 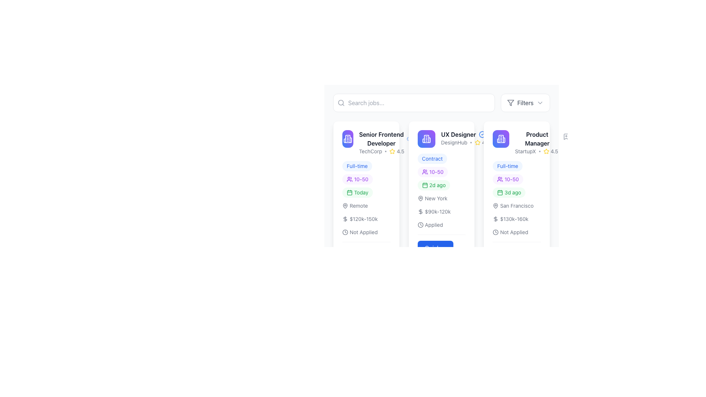 I want to click on the monetary information icon that represents the salary range ('$130k-160k') in the third job card located in the far right column of the interface, so click(x=496, y=219).